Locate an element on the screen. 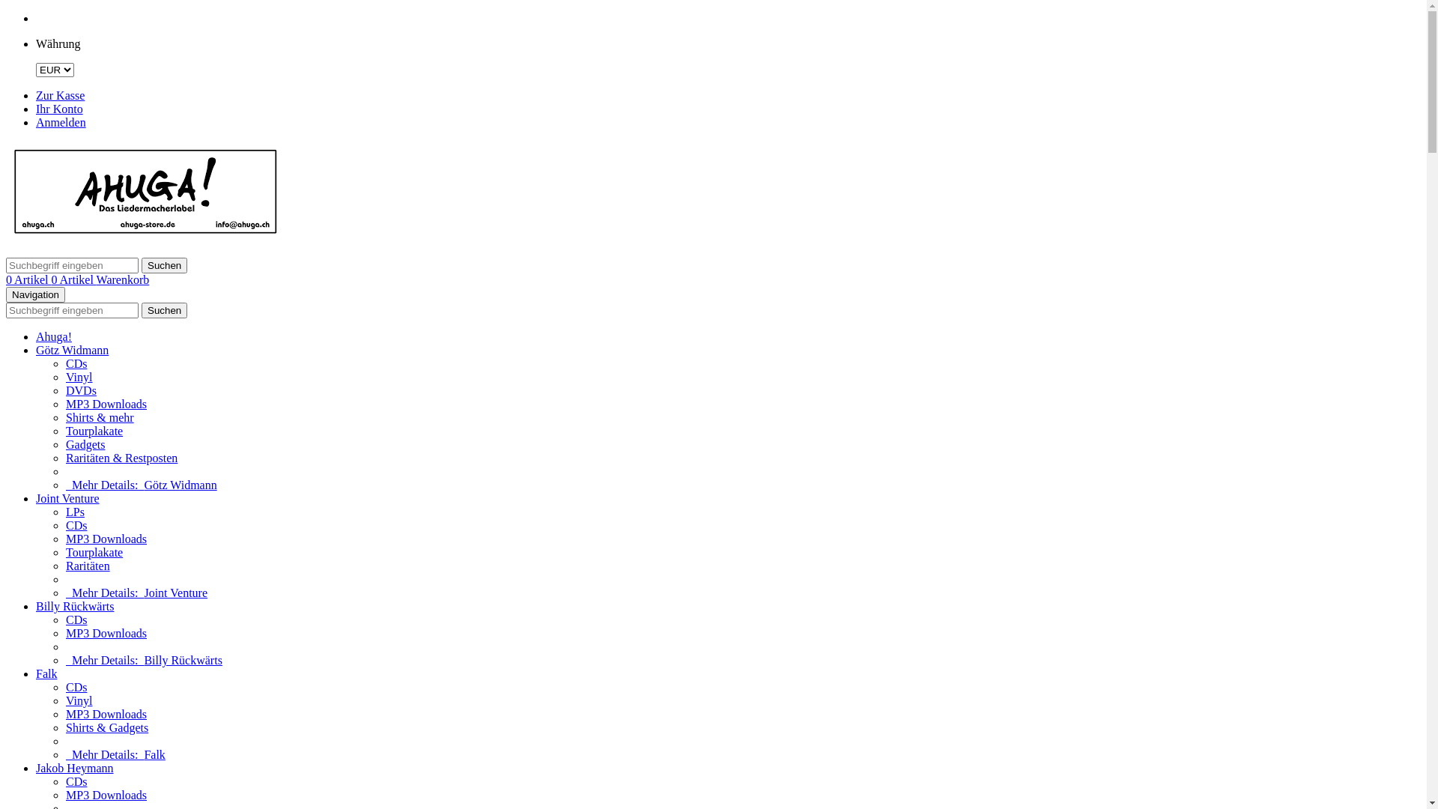  '  Mehr Details:  Joint Venture' is located at coordinates (136, 592).